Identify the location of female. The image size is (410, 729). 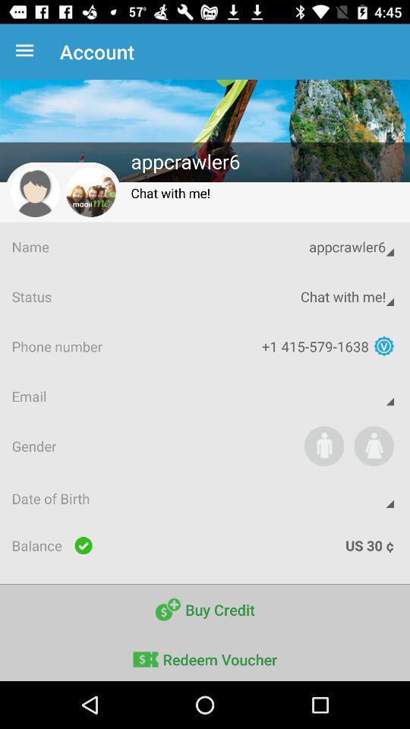
(373, 446).